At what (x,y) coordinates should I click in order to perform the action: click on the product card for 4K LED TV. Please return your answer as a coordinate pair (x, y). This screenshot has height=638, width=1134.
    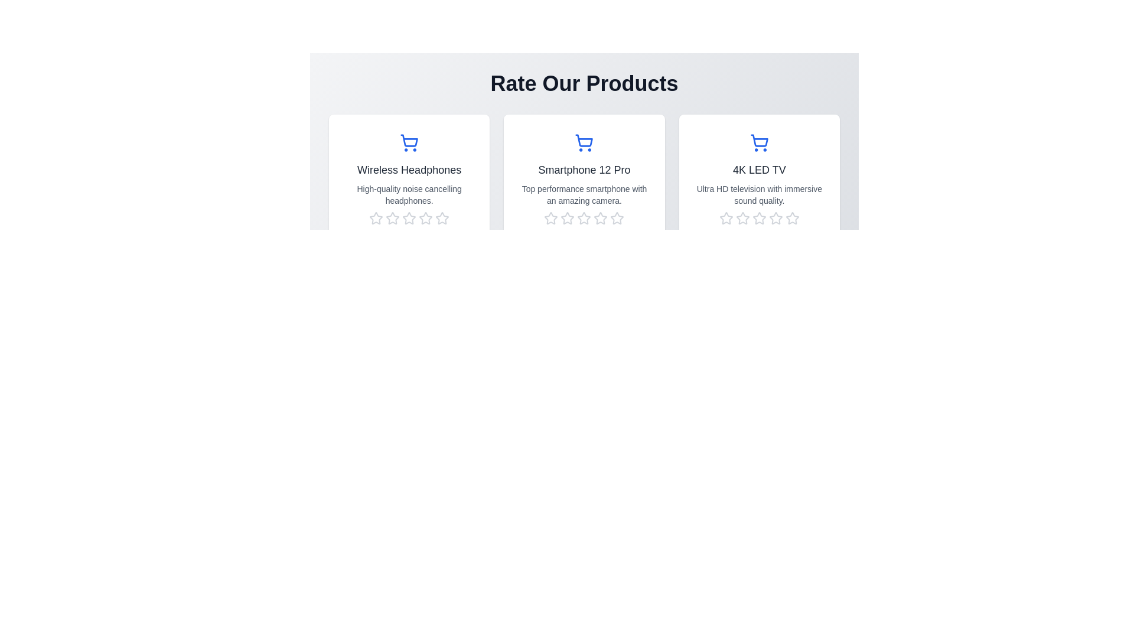
    Looking at the image, I should click on (759, 185).